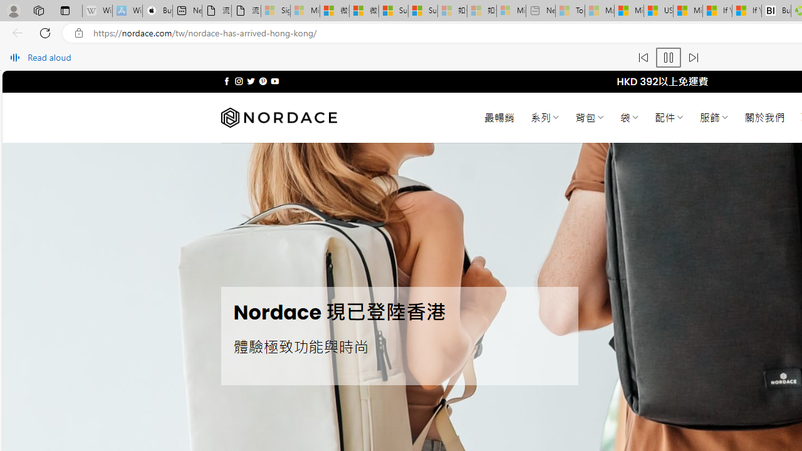 Image resolution: width=802 pixels, height=451 pixels. Describe the element at coordinates (692, 58) in the screenshot. I see `'Read next paragraph'` at that location.